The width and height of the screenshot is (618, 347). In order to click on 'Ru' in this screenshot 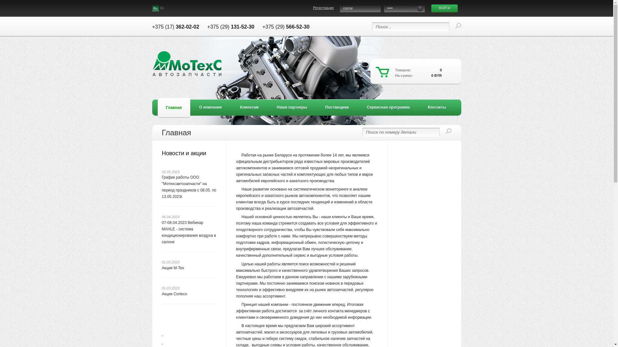, I will do `click(155, 8)`.